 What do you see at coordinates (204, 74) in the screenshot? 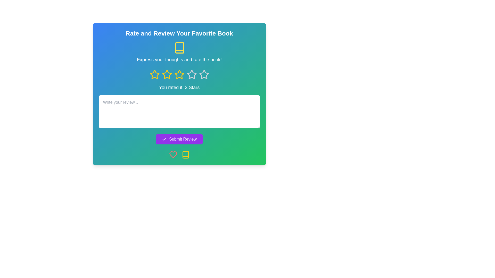
I see `the fourth star icon in the rating system` at bounding box center [204, 74].